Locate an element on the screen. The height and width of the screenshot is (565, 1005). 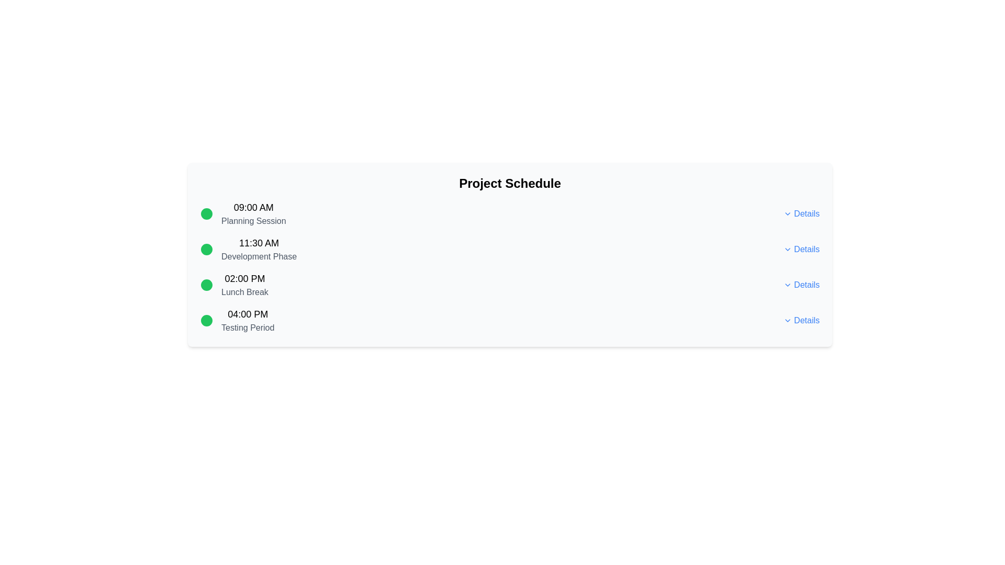
the Text Label that describes the event or activity scheduled at 02:00 PM in the schedule list, located in the third row of the timeline structure is located at coordinates (244, 292).